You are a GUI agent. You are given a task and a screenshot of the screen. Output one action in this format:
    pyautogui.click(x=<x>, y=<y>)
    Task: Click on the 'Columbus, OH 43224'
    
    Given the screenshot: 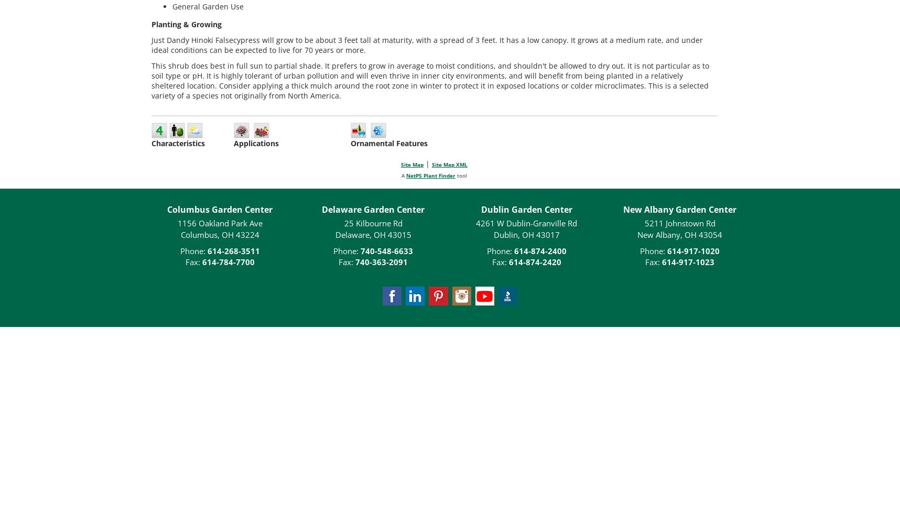 What is the action you would take?
    pyautogui.click(x=180, y=234)
    